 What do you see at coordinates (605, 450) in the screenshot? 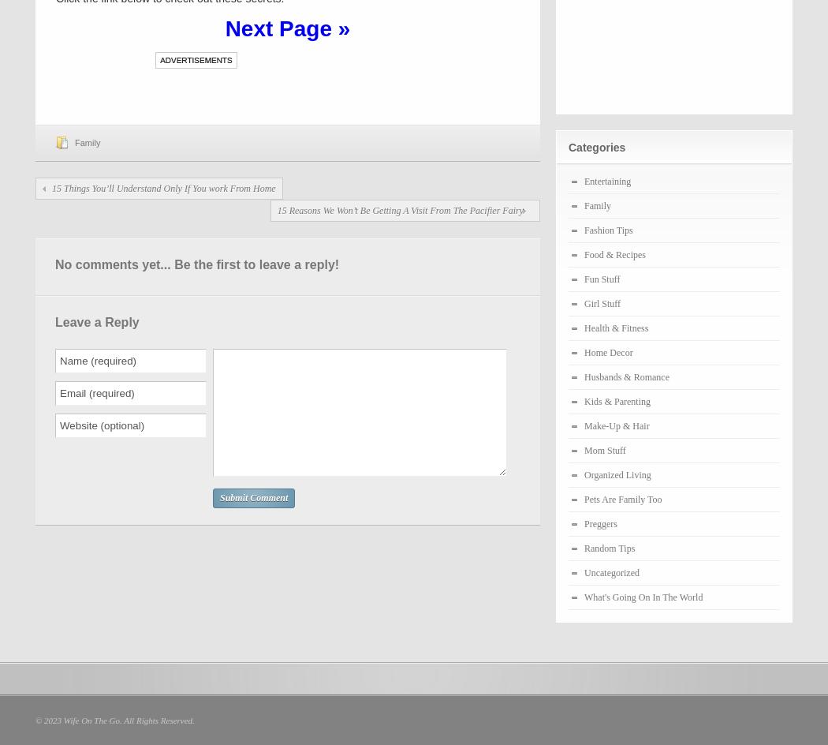
I see `'Mom Stuff'` at bounding box center [605, 450].